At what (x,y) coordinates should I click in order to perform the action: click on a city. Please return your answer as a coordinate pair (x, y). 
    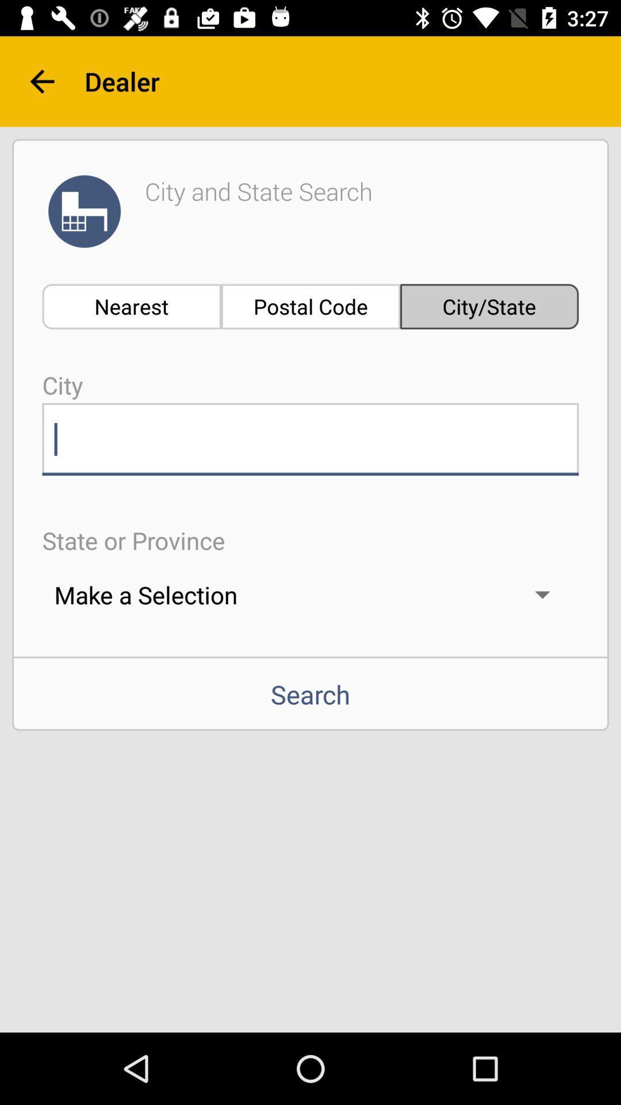
    Looking at the image, I should click on (310, 439).